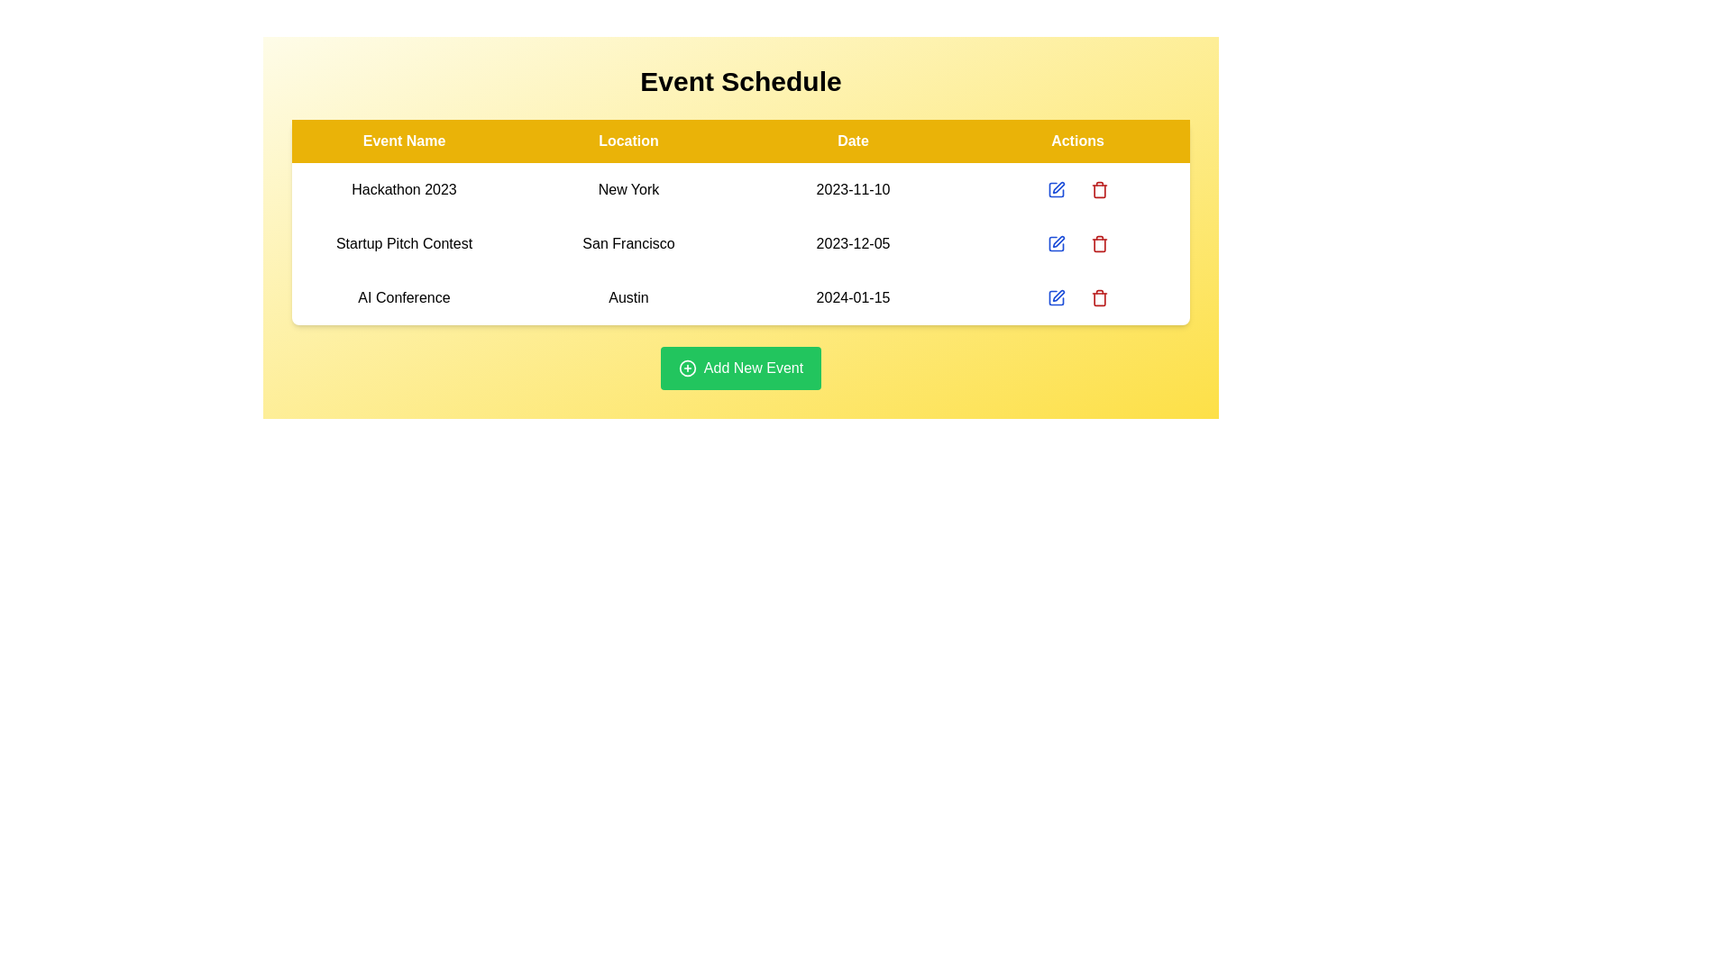  Describe the element at coordinates (1098, 190) in the screenshot. I see `the event corresponding to the row labeled Hackathon 2023` at that location.